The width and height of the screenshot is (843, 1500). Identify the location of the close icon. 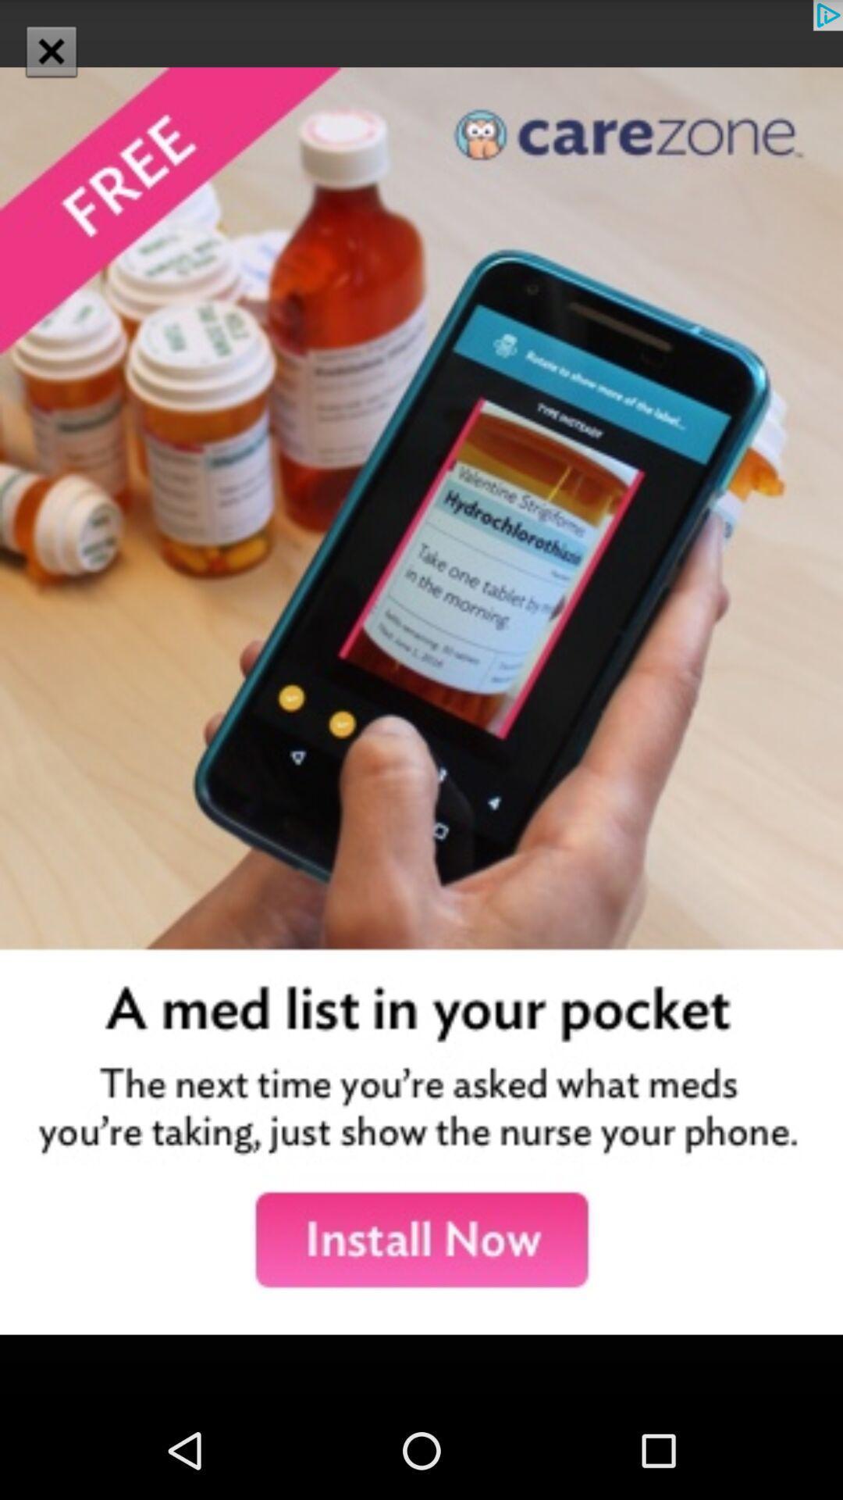
(50, 55).